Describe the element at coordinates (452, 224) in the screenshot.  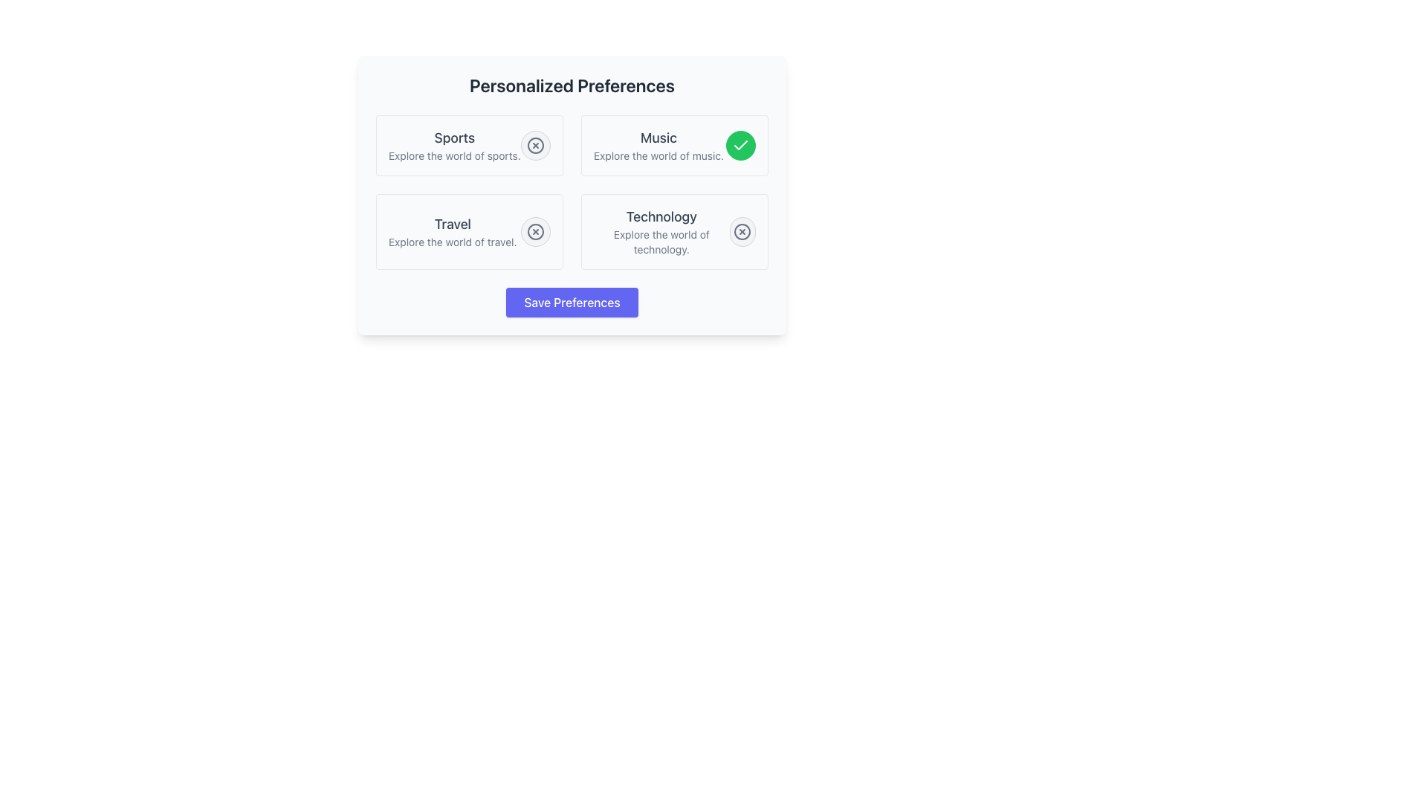
I see `the 'Travel' label, which is a large gray text element located in the top half of the user preference box for travel-related preferences` at that location.